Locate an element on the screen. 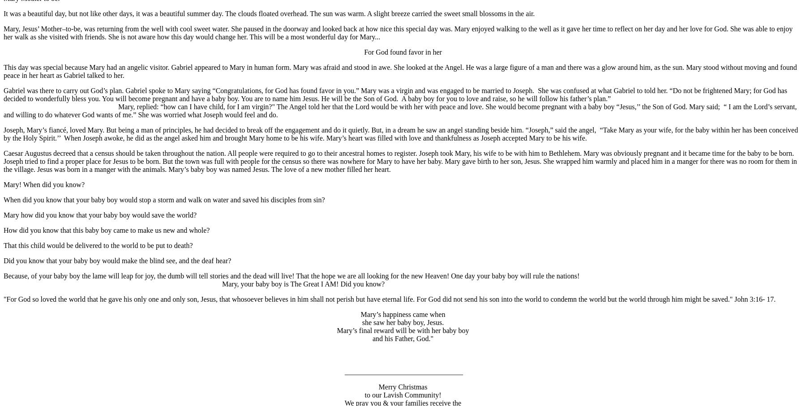 The width and height of the screenshot is (806, 406). 'For God found favor in her' is located at coordinates (364, 51).